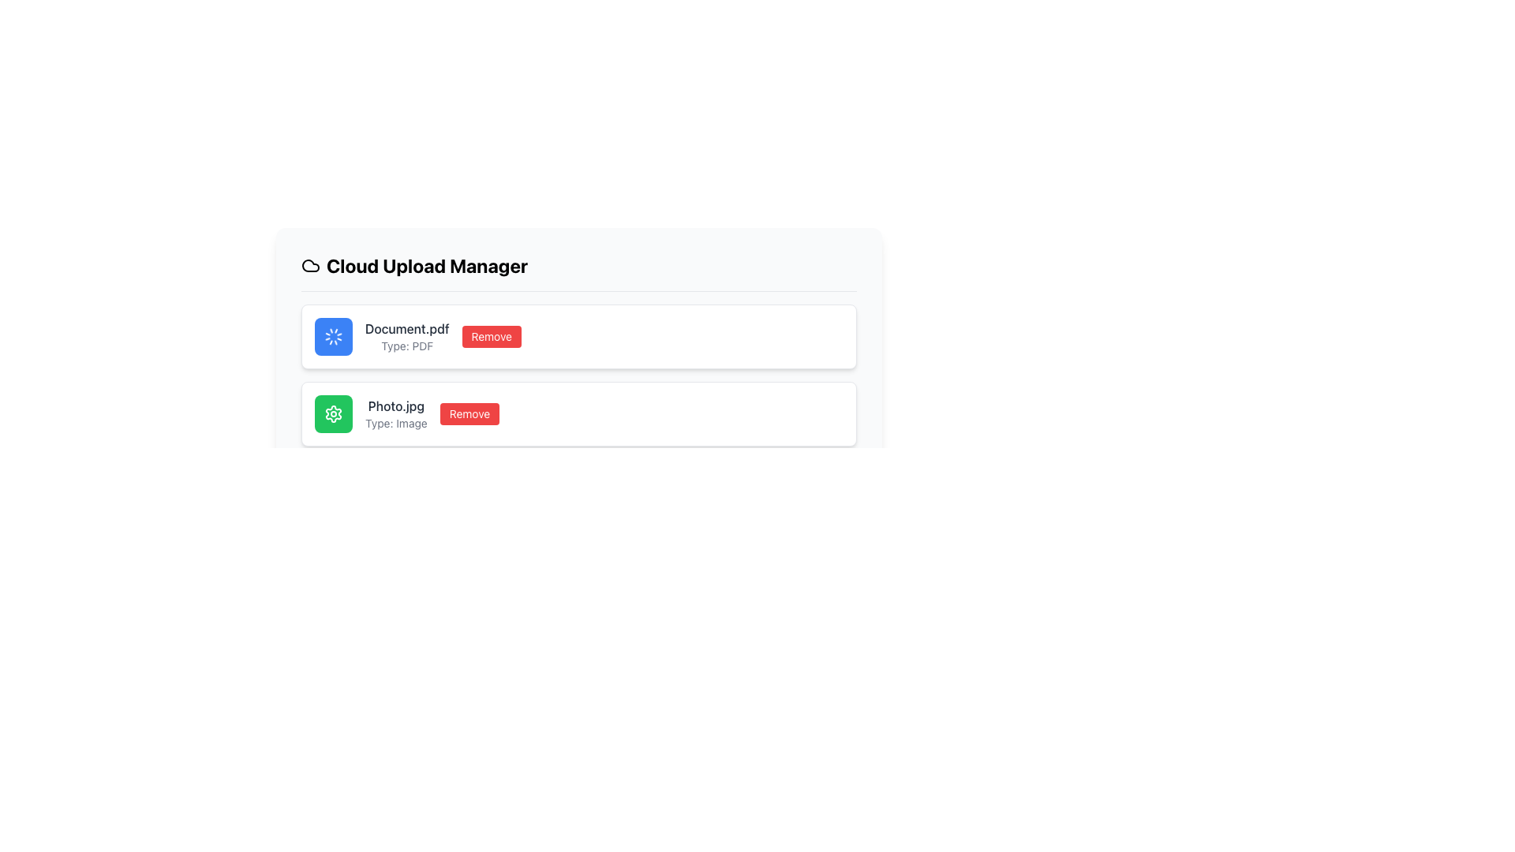  Describe the element at coordinates (396, 405) in the screenshot. I see `the text label displaying 'Photo.jpg', which is the first line of text in the second list item identified by a green icon and 'Type: Image' below it` at that location.